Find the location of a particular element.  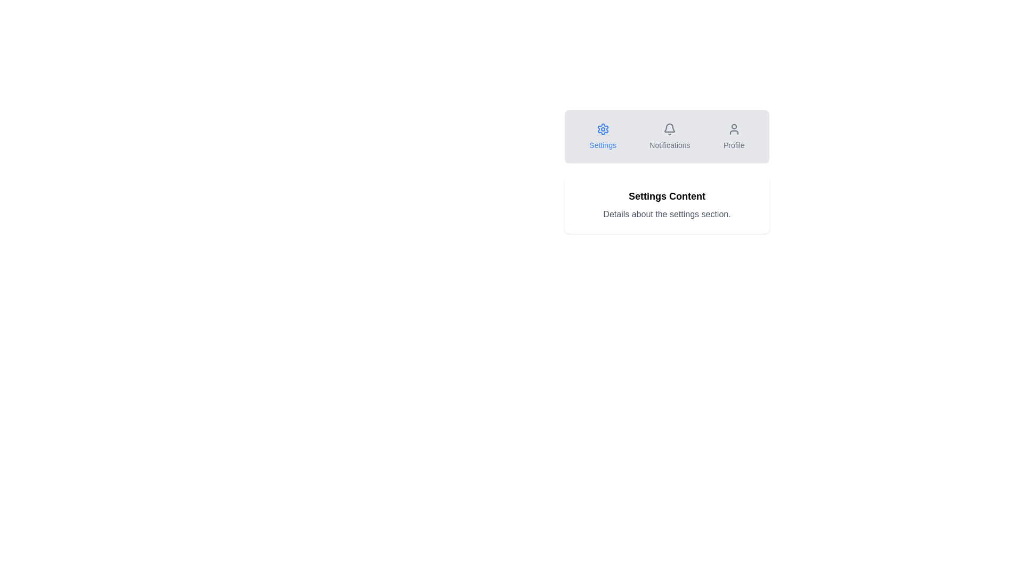

the Notifications button located in the central section of the row between 'Settings' and 'Profile' is located at coordinates (669, 136).